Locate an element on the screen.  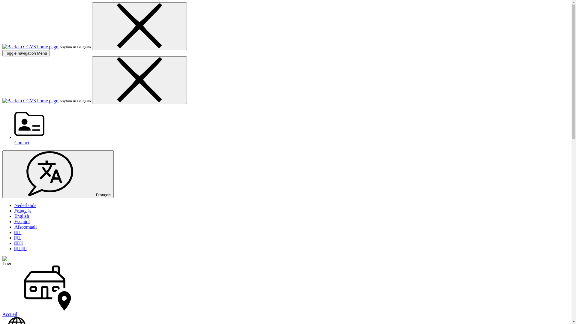
'Nederlands' is located at coordinates (25, 205).